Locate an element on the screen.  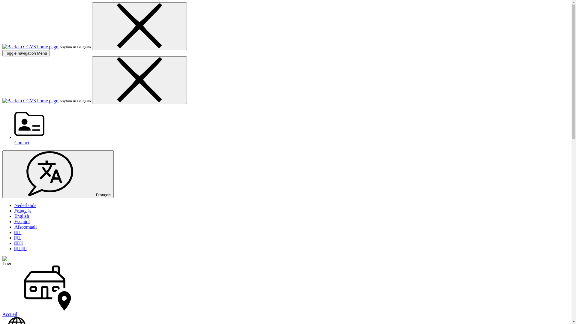
'Nederlands' is located at coordinates (25, 205).